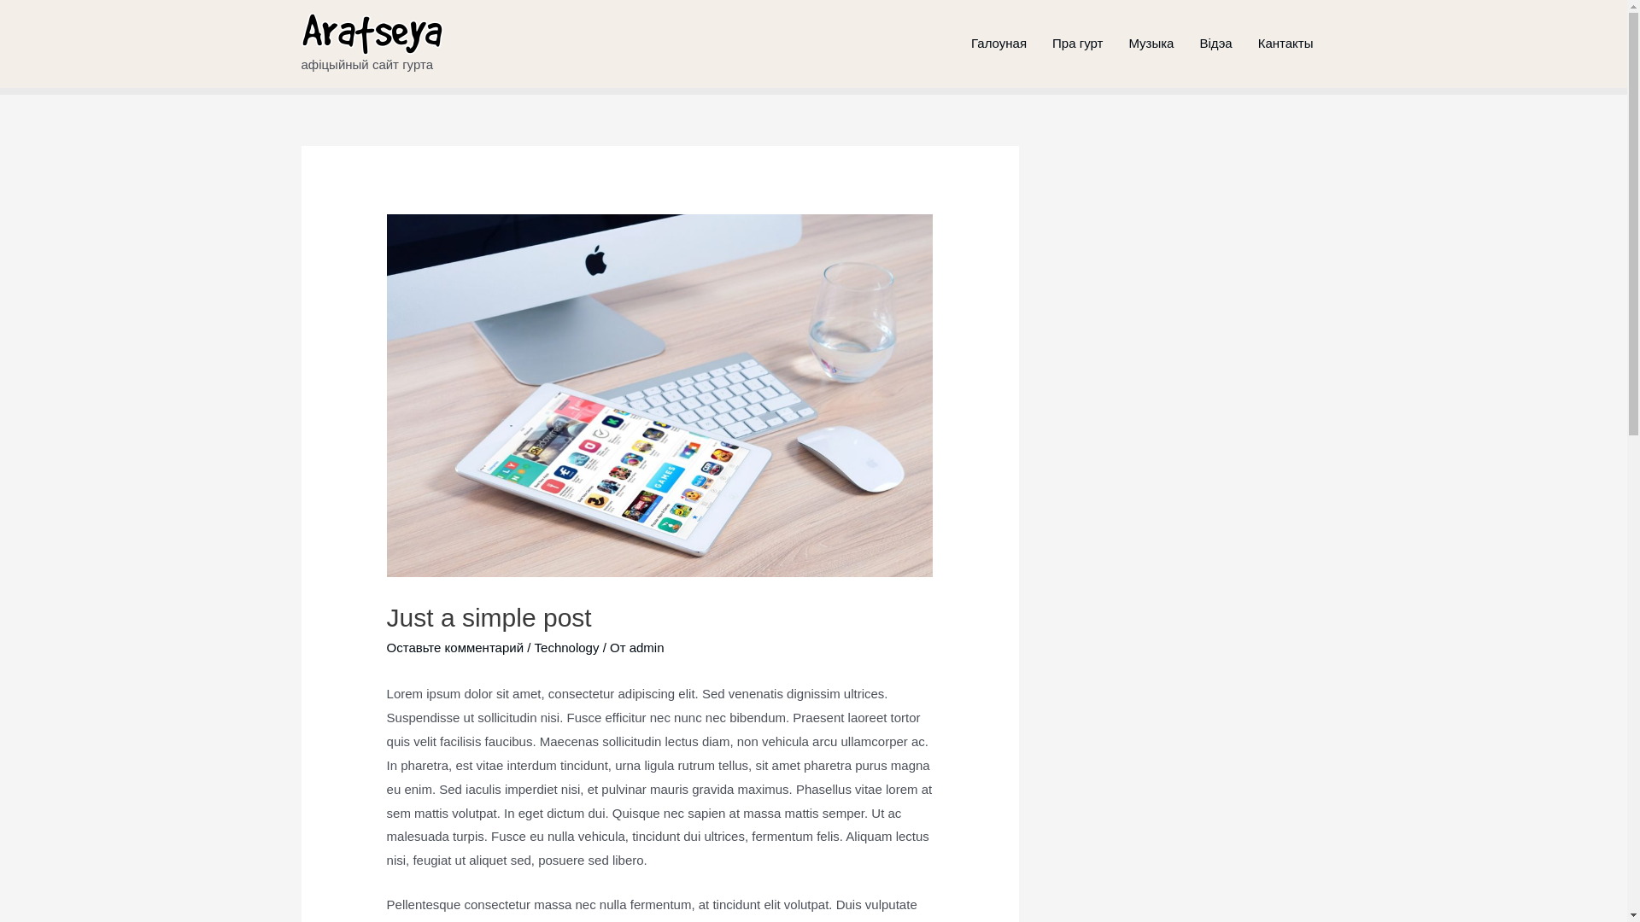 This screenshot has height=922, width=1640. I want to click on 'Technology', so click(566, 647).